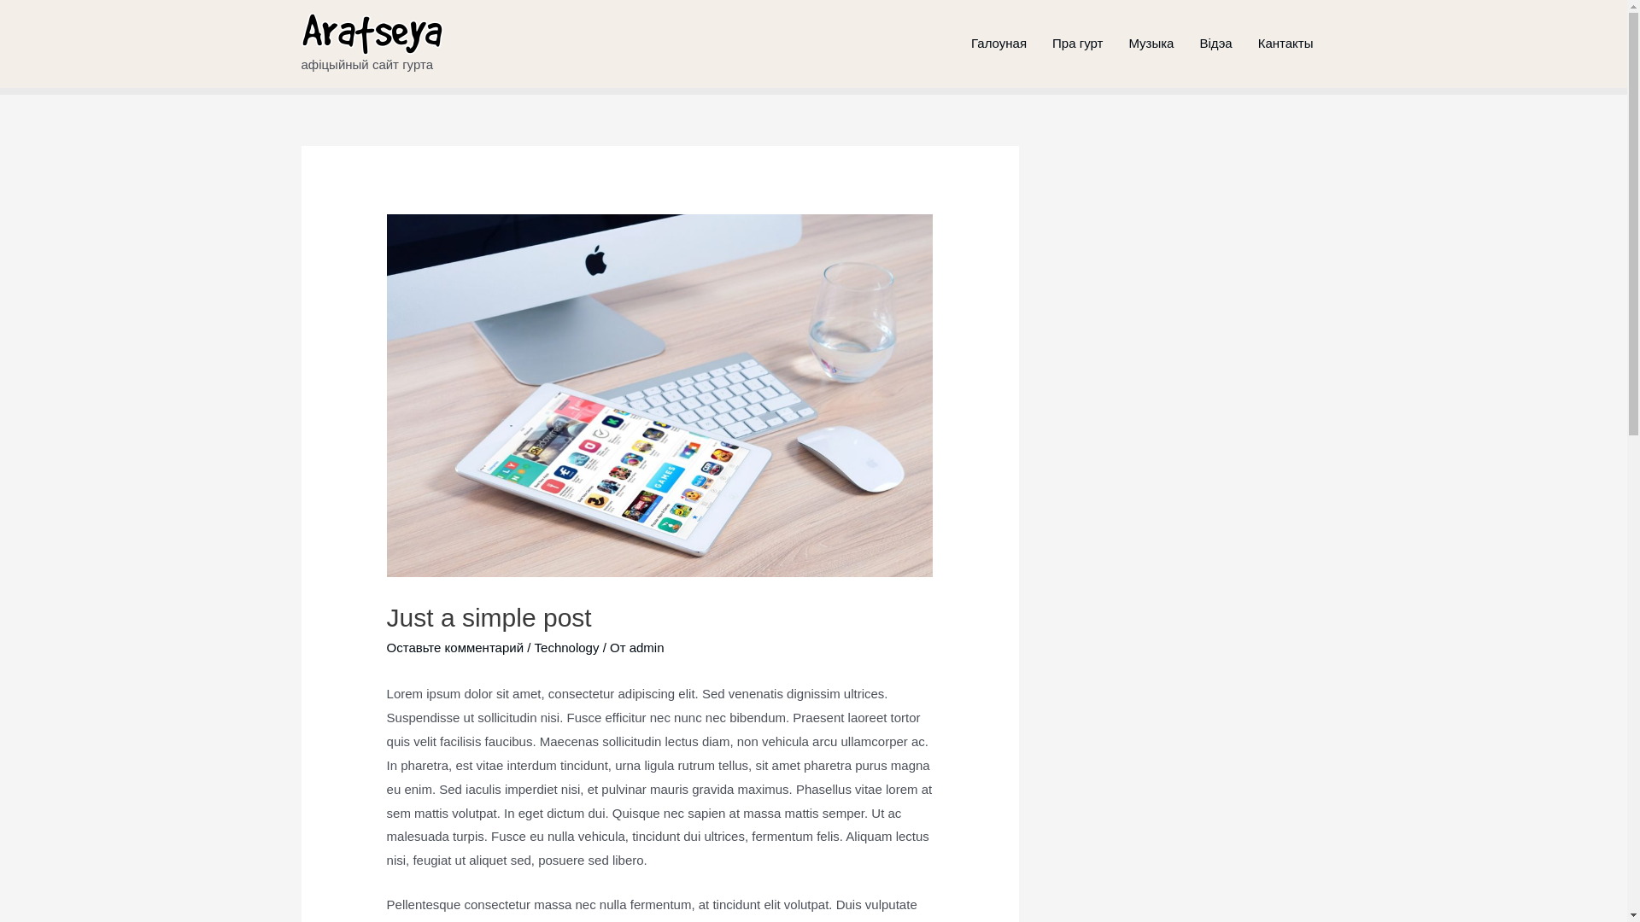 This screenshot has height=922, width=1640. I want to click on 'Technology', so click(566, 647).